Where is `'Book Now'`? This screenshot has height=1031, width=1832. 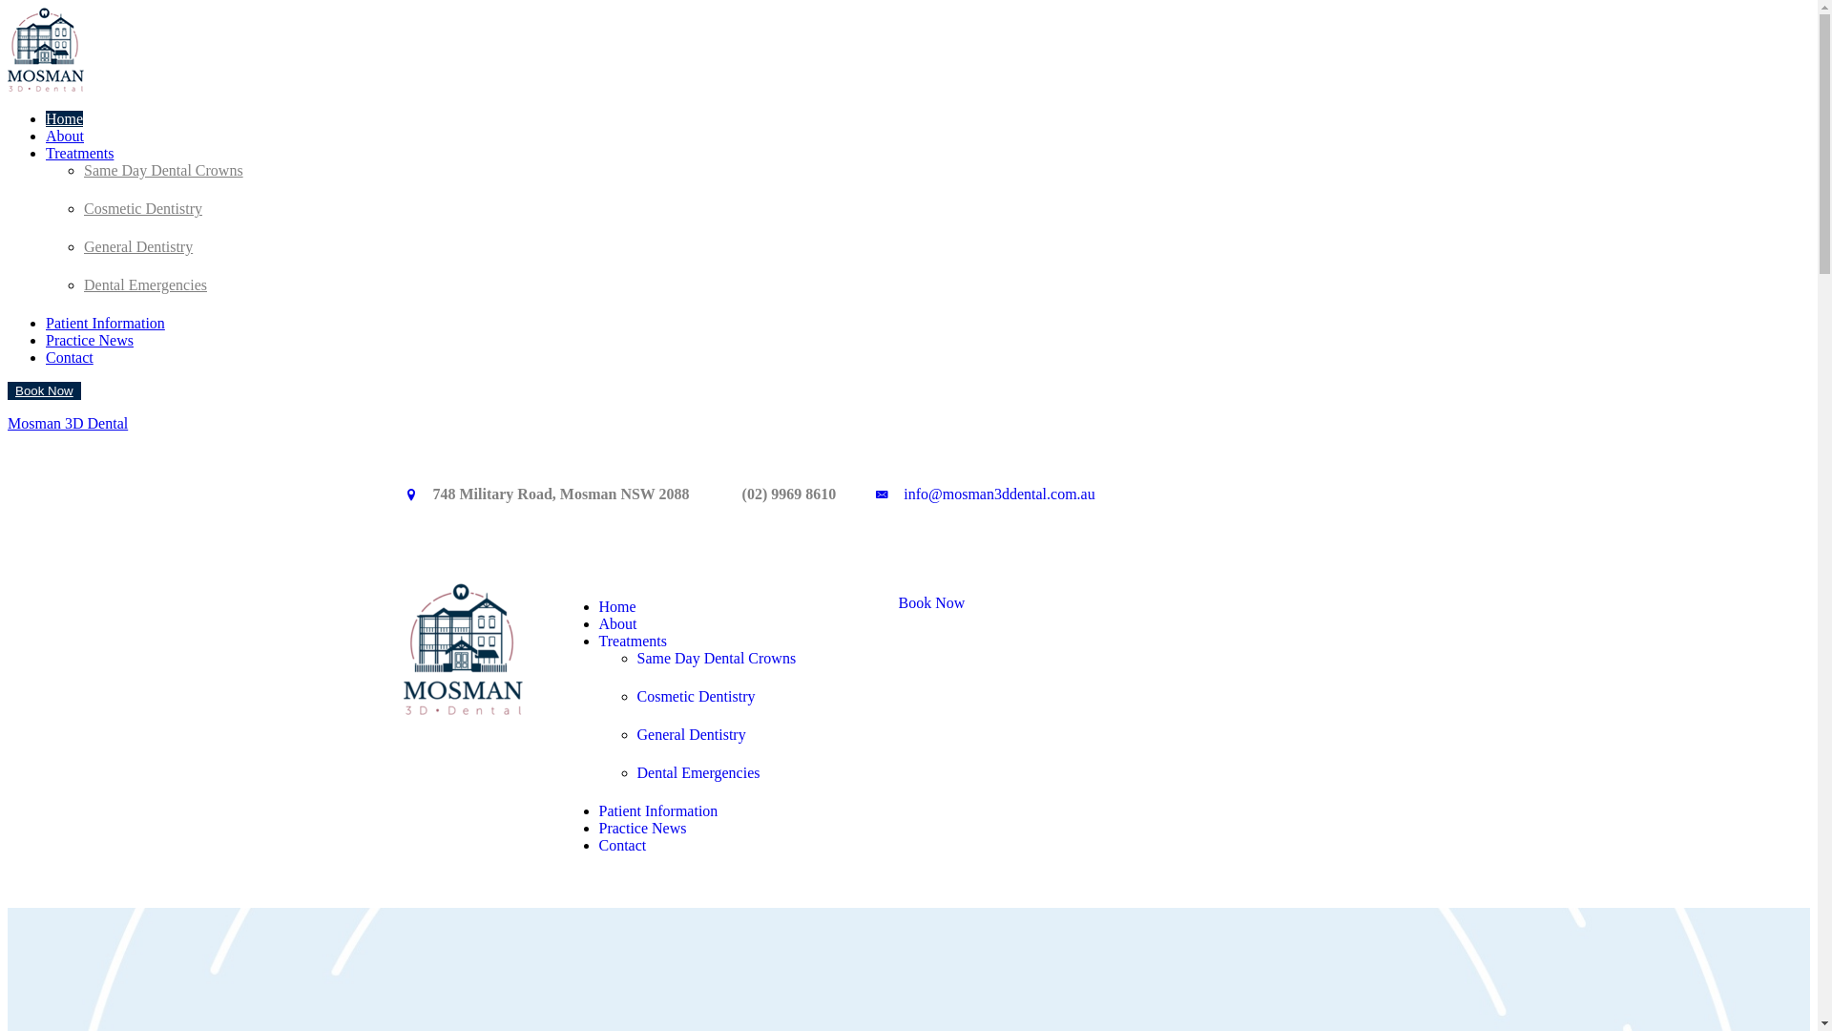 'Book Now' is located at coordinates (44, 389).